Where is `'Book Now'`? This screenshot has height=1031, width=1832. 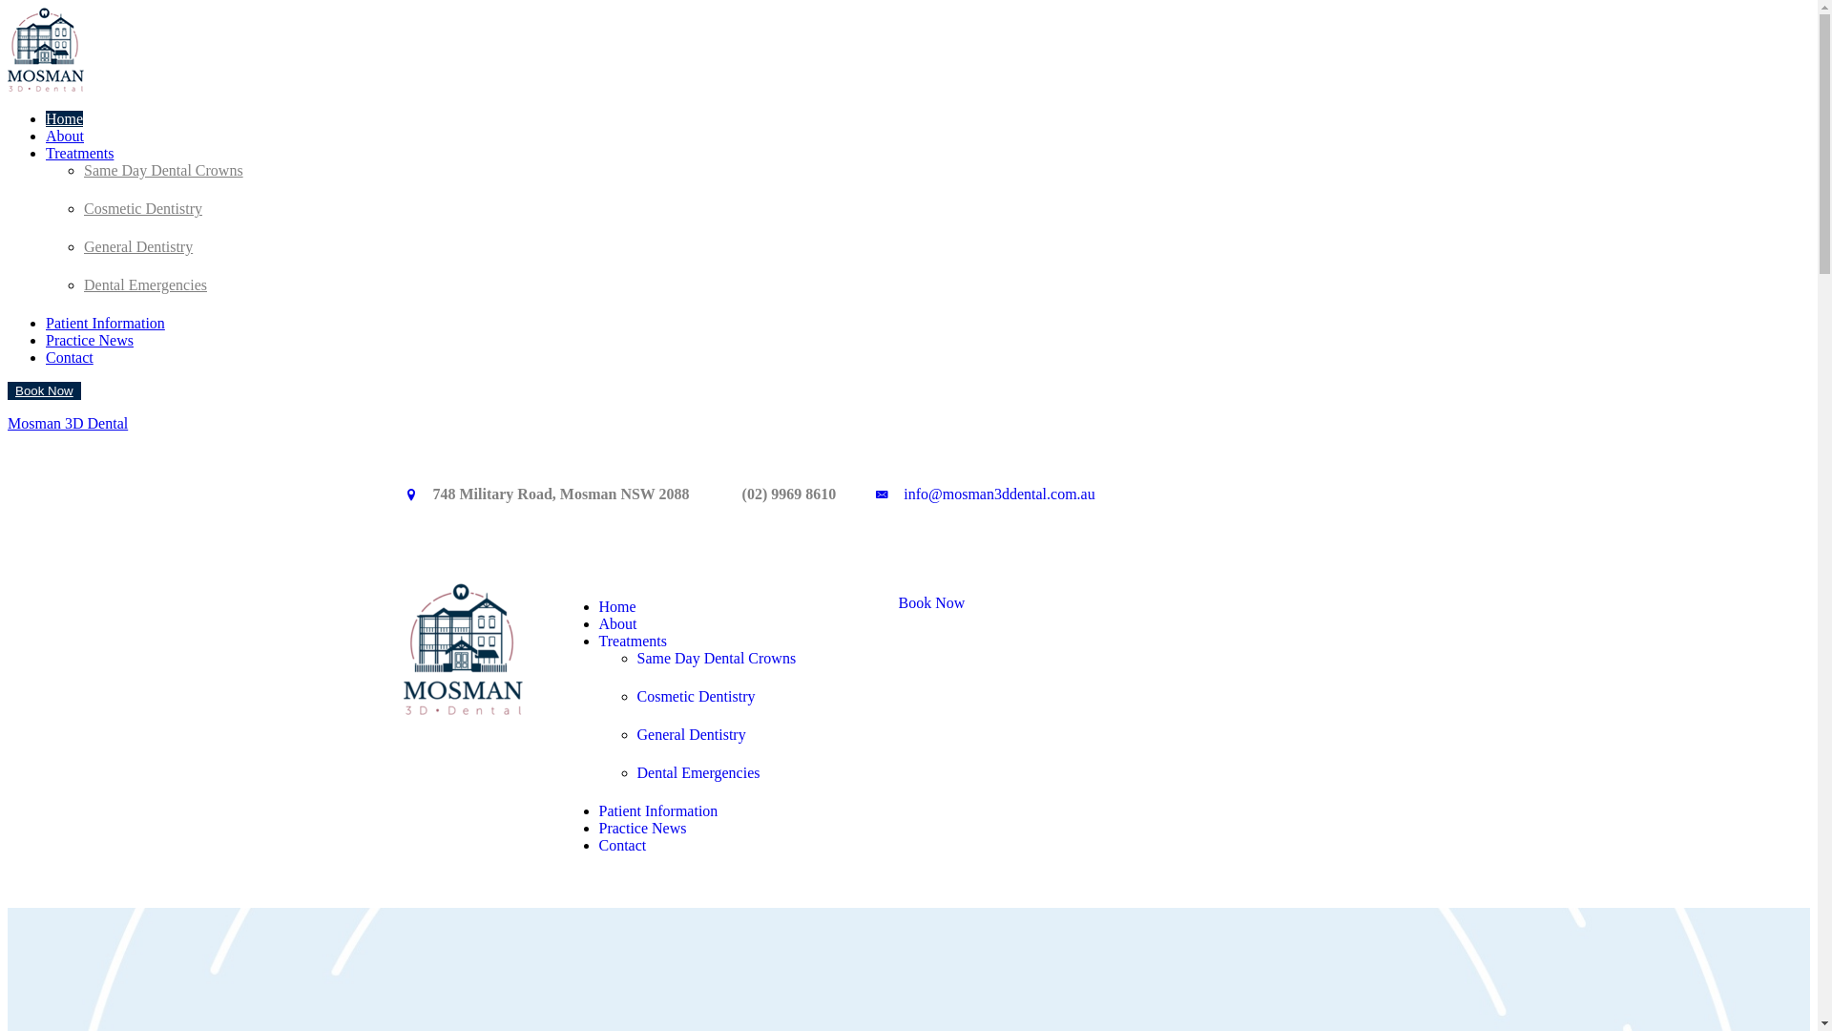 'Book Now' is located at coordinates (44, 389).